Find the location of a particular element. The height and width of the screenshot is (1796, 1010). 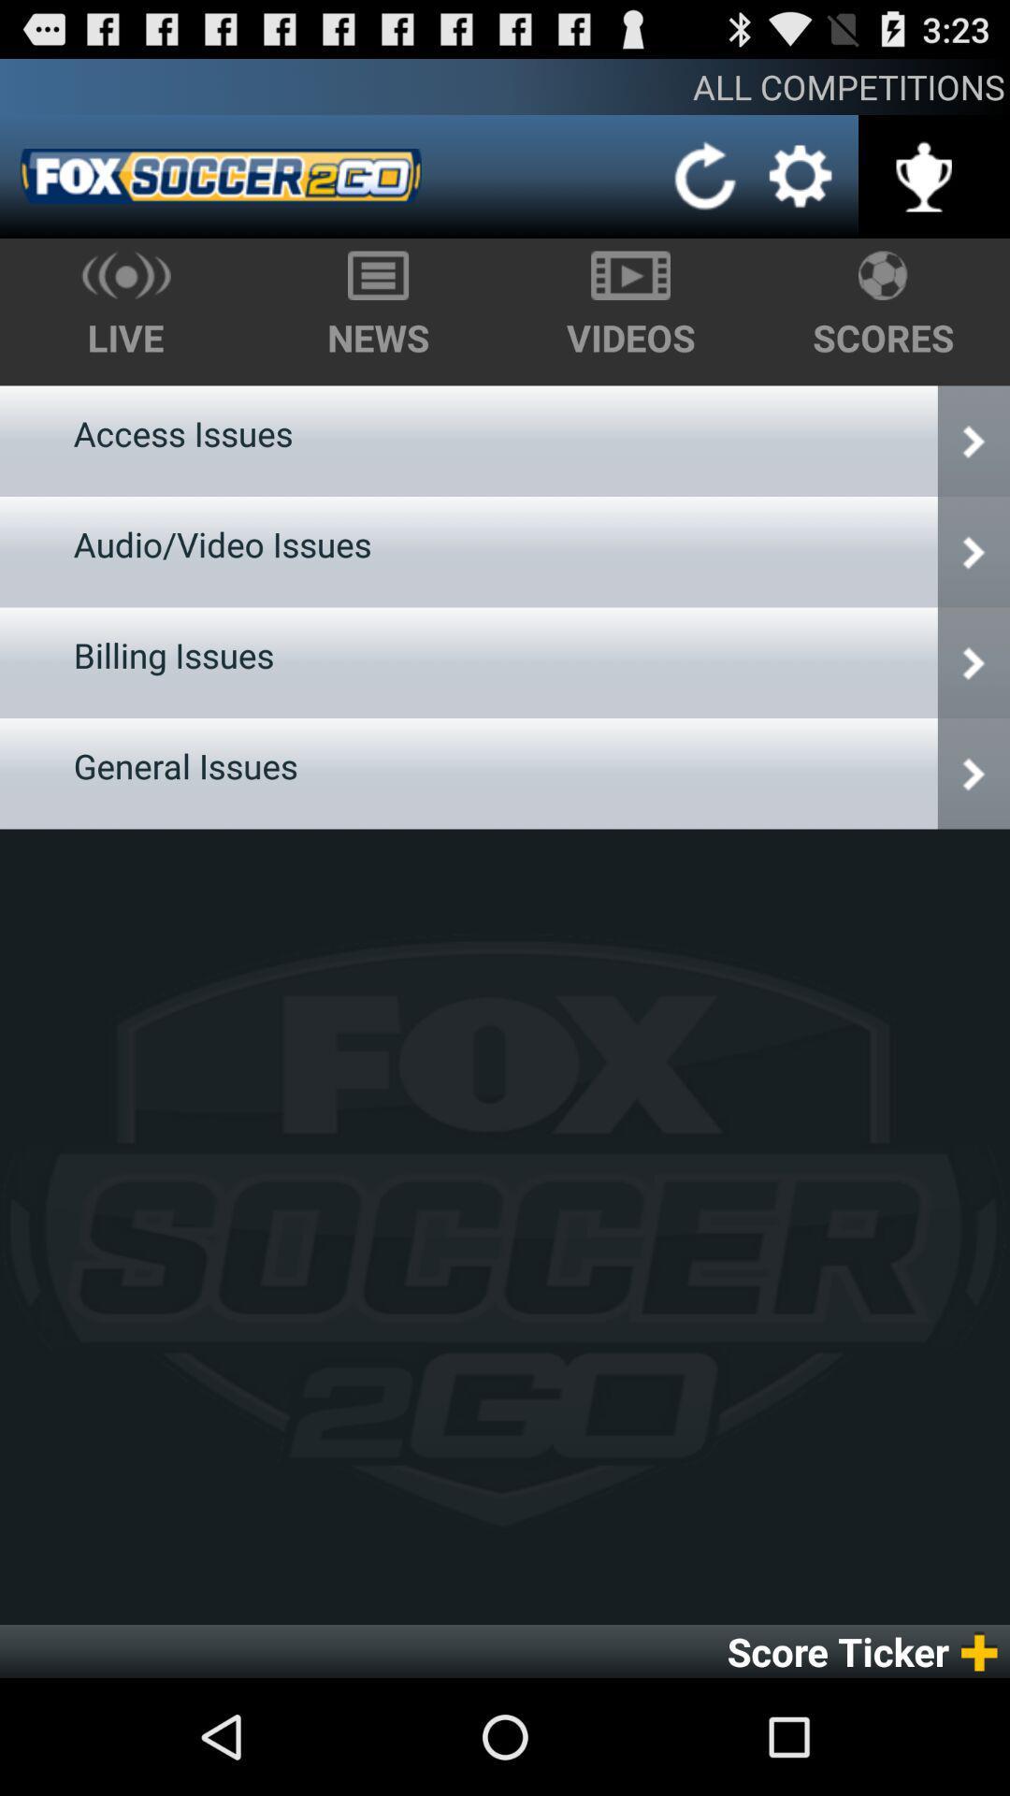

the settings icon is located at coordinates (800, 188).